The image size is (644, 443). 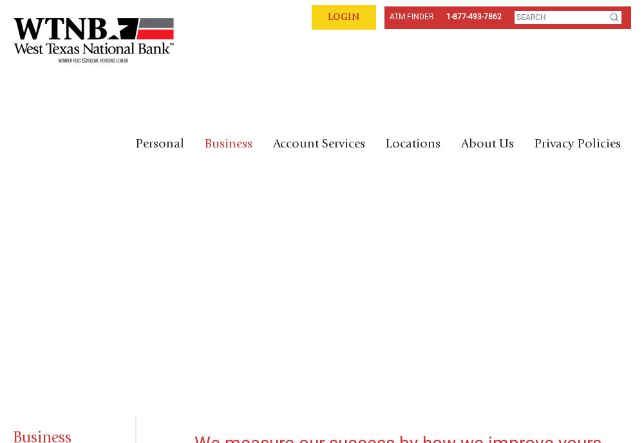 What do you see at coordinates (473, 17) in the screenshot?
I see `'1-877-493-7862'` at bounding box center [473, 17].